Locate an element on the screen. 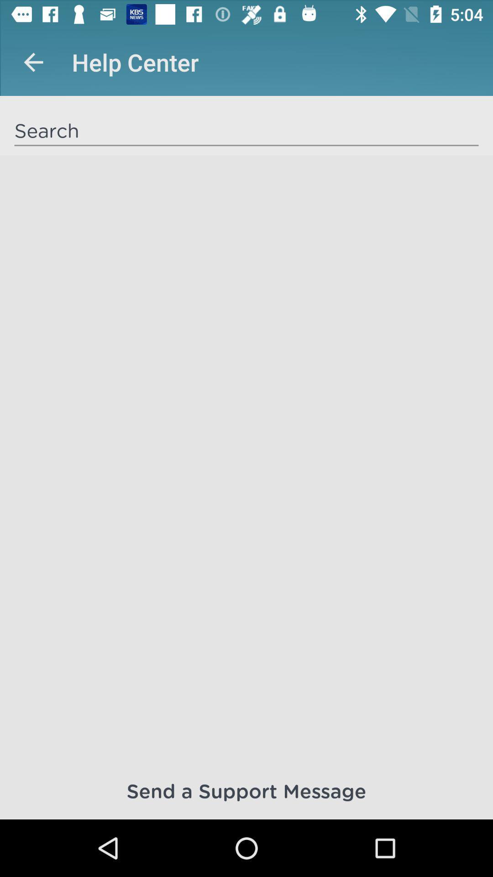 This screenshot has height=877, width=493. app next to help center icon is located at coordinates (33, 62).